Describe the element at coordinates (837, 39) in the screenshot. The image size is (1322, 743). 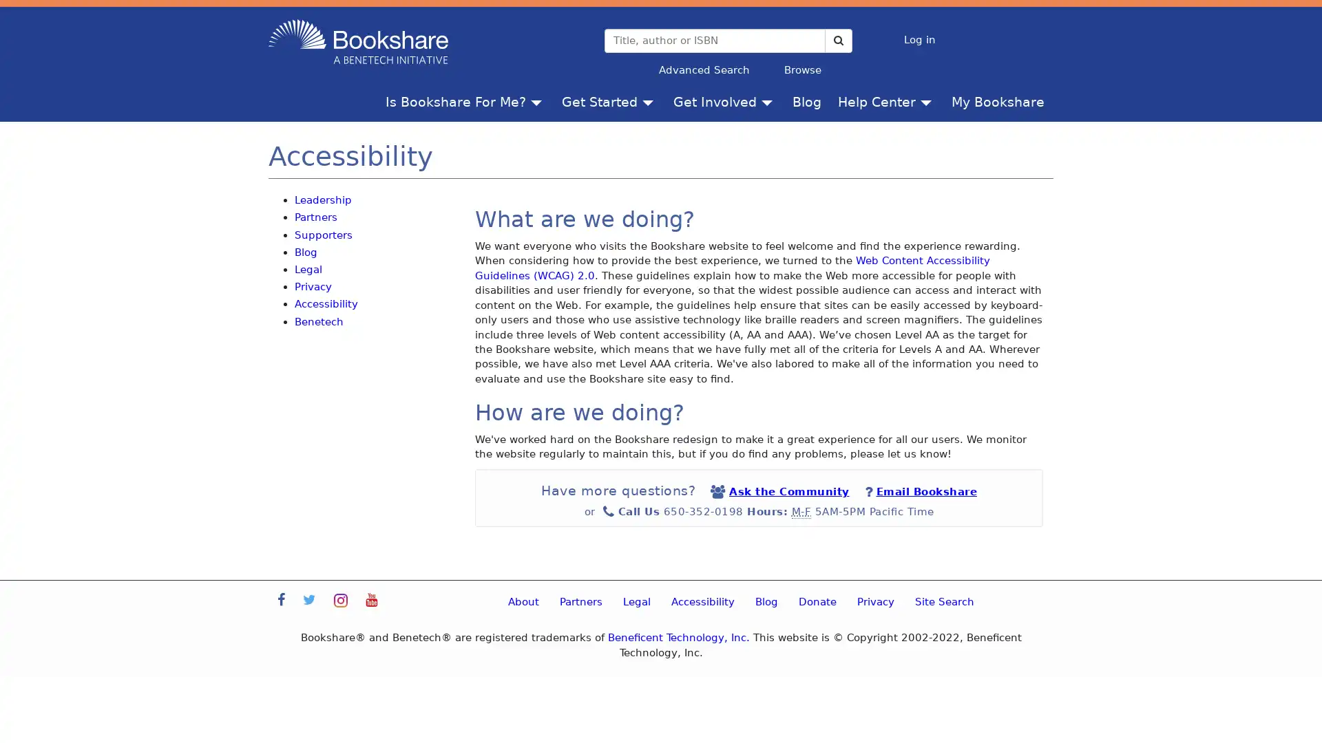
I see `Search` at that location.